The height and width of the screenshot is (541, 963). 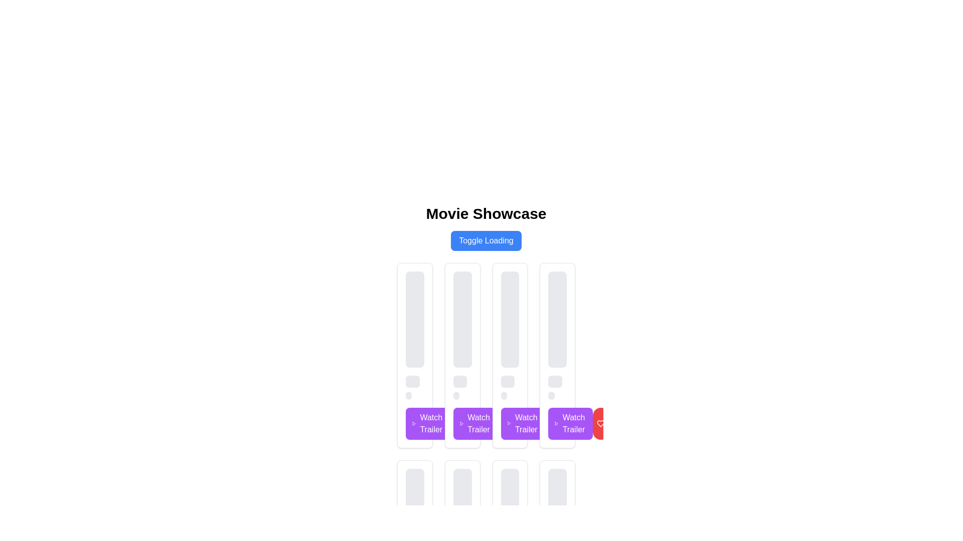 I want to click on the first Placeholder block with a light gray background and rounded corners, positioned in the middle of a scrolling interface, so click(x=510, y=319).